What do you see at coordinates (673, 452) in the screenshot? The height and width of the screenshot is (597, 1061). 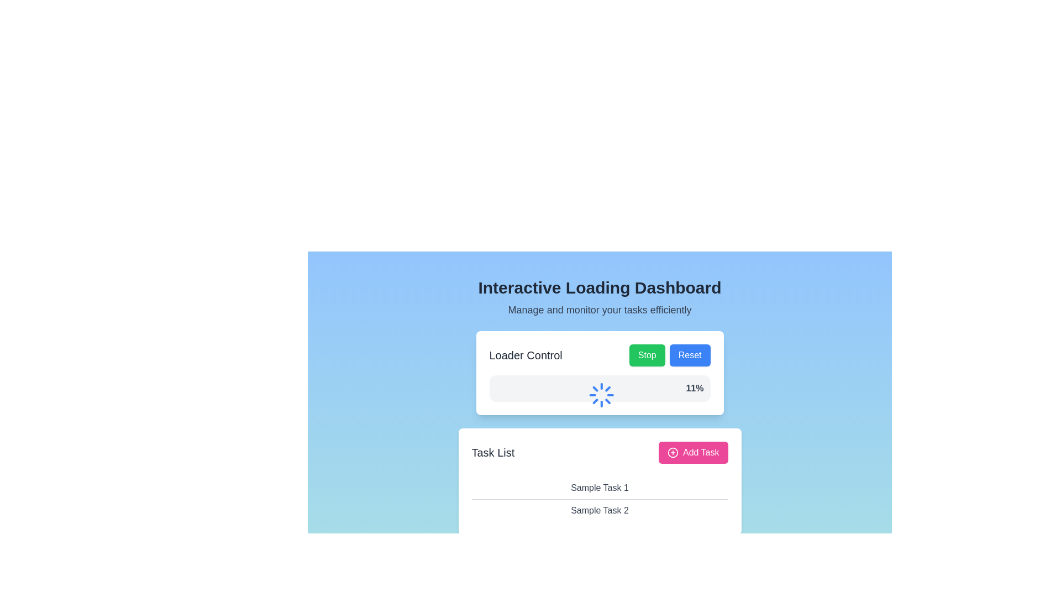 I see `the circular icon containing a '+' symbol, which is positioned to the left of the 'Add Task' button and centered horizontally with its text label` at bounding box center [673, 452].